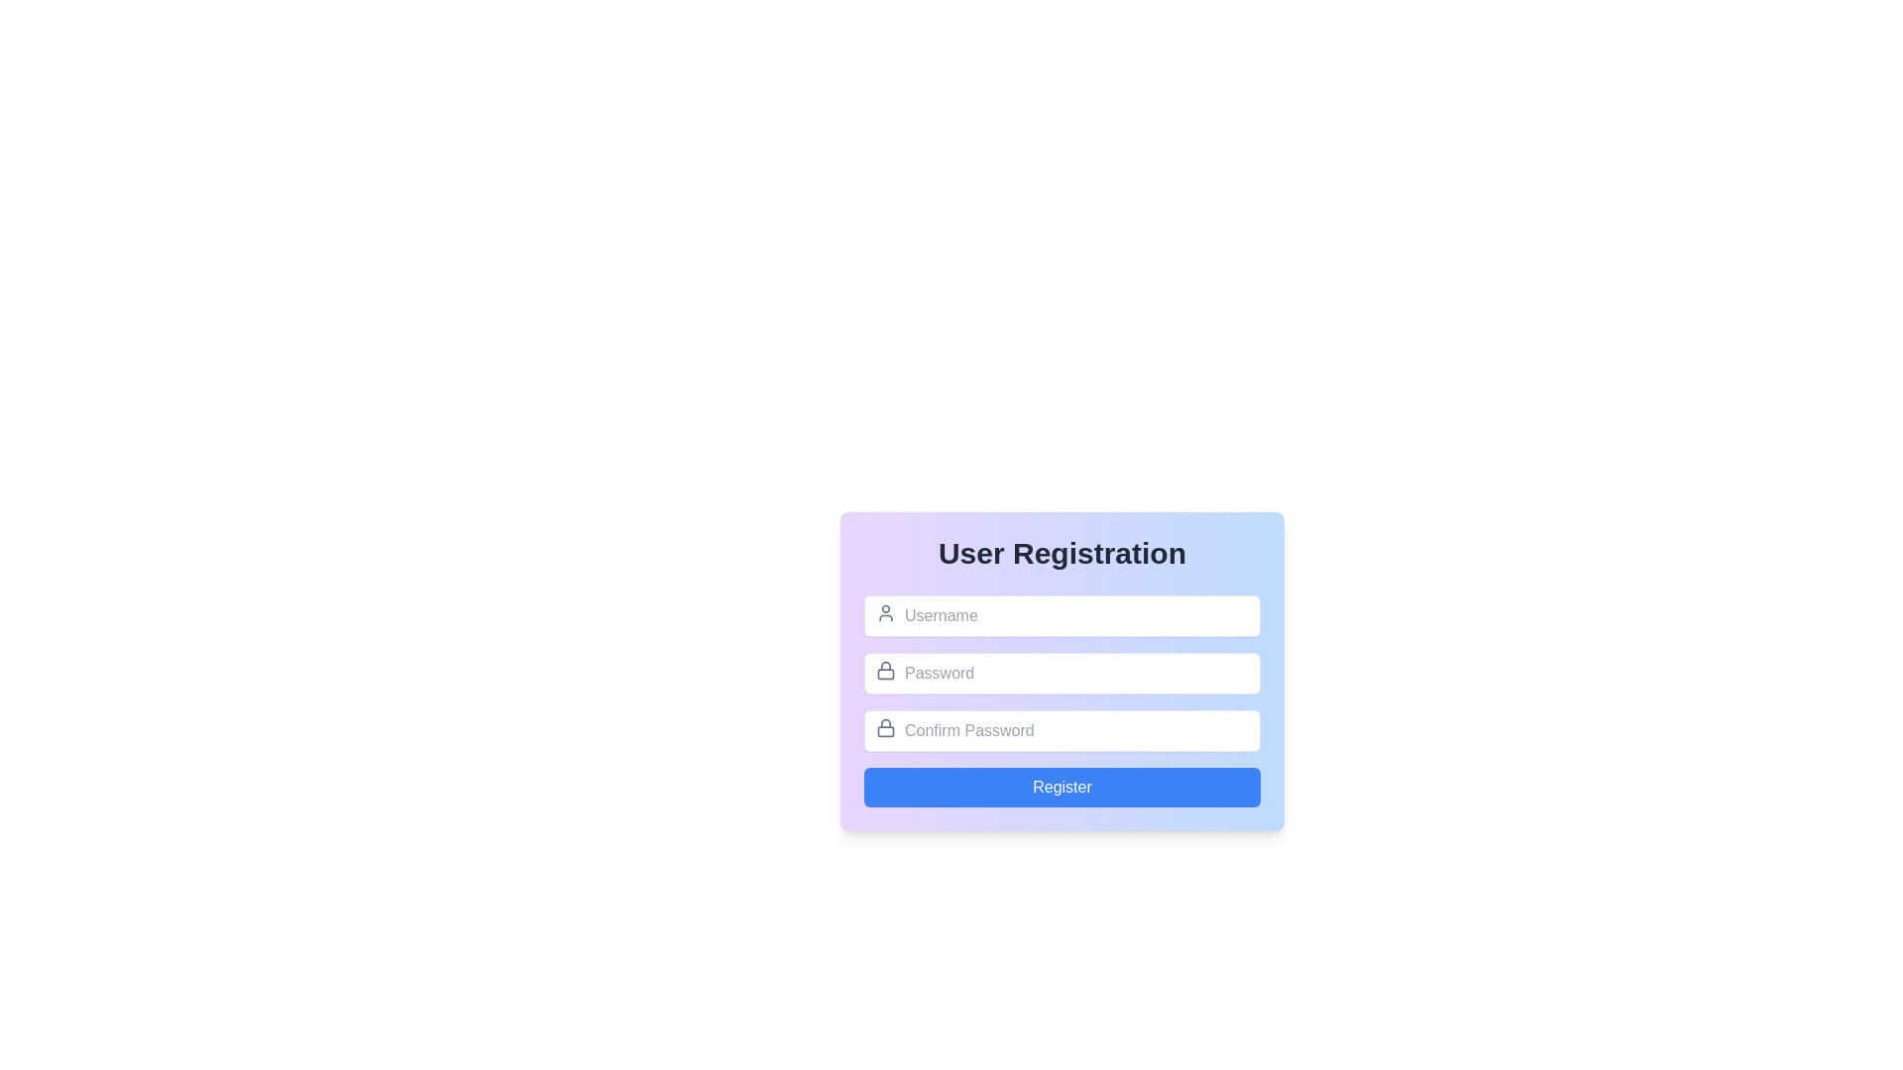 This screenshot has width=1903, height=1070. I want to click on the leading icon inside the username input field, which visually indicates that the adjacent input field is for entering a username, so click(884, 611).